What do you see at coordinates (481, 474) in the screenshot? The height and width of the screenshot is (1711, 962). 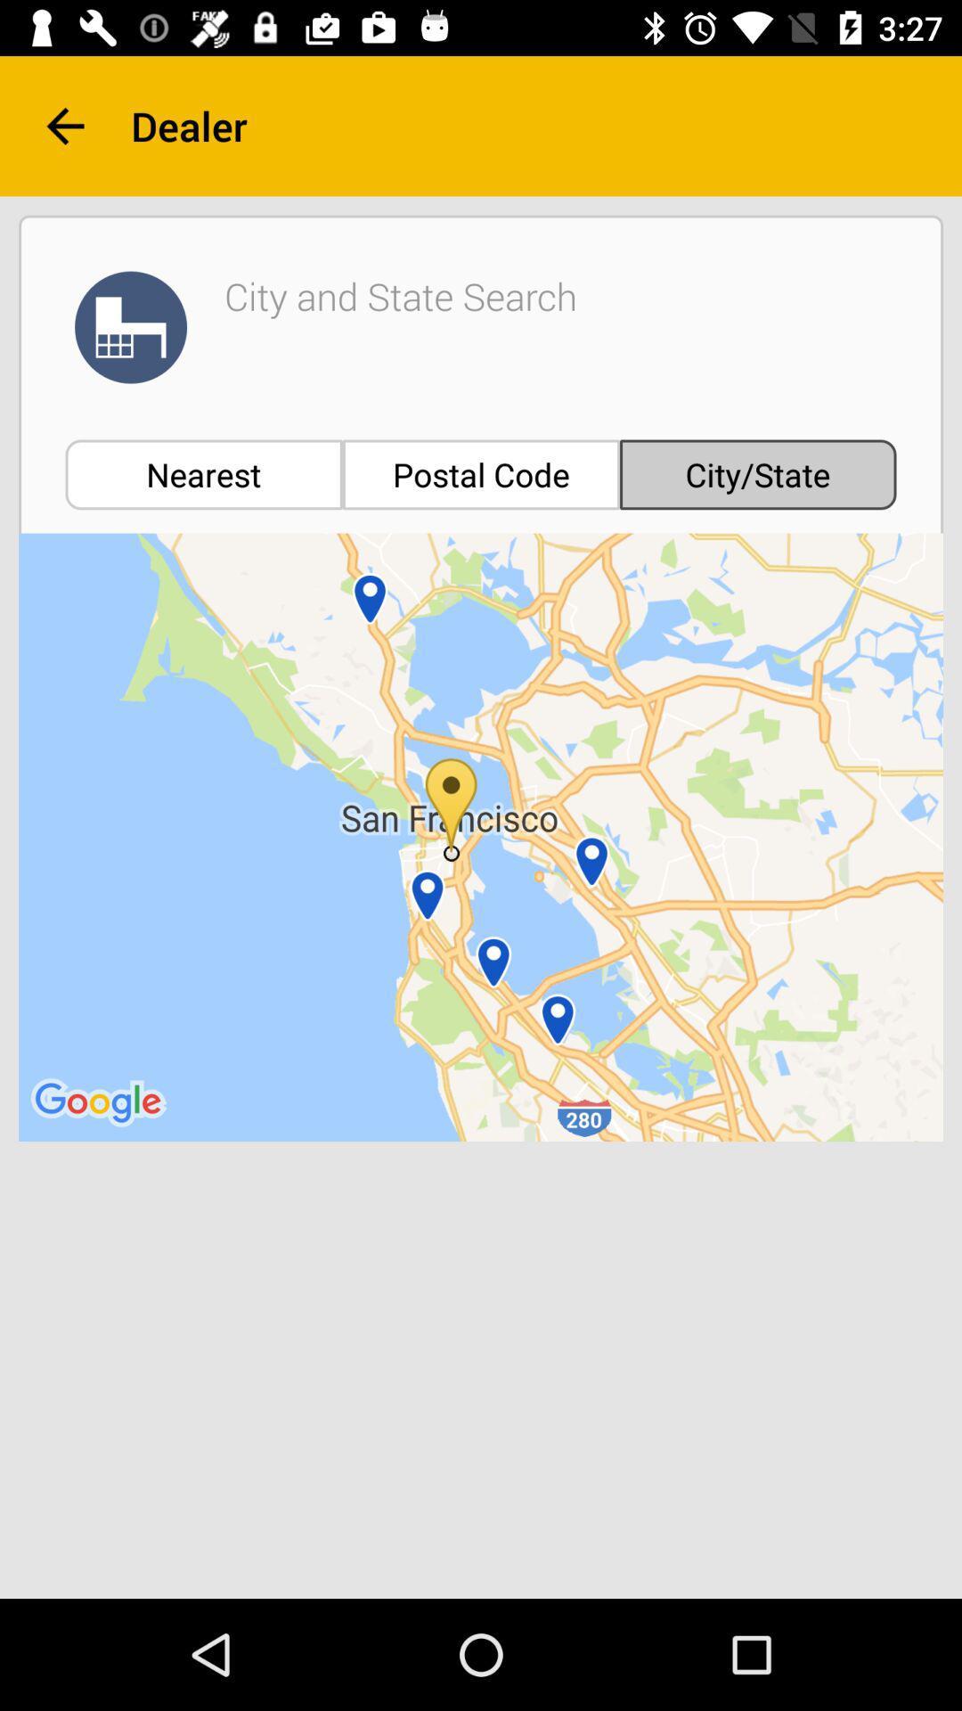 I see `postal code item` at bounding box center [481, 474].